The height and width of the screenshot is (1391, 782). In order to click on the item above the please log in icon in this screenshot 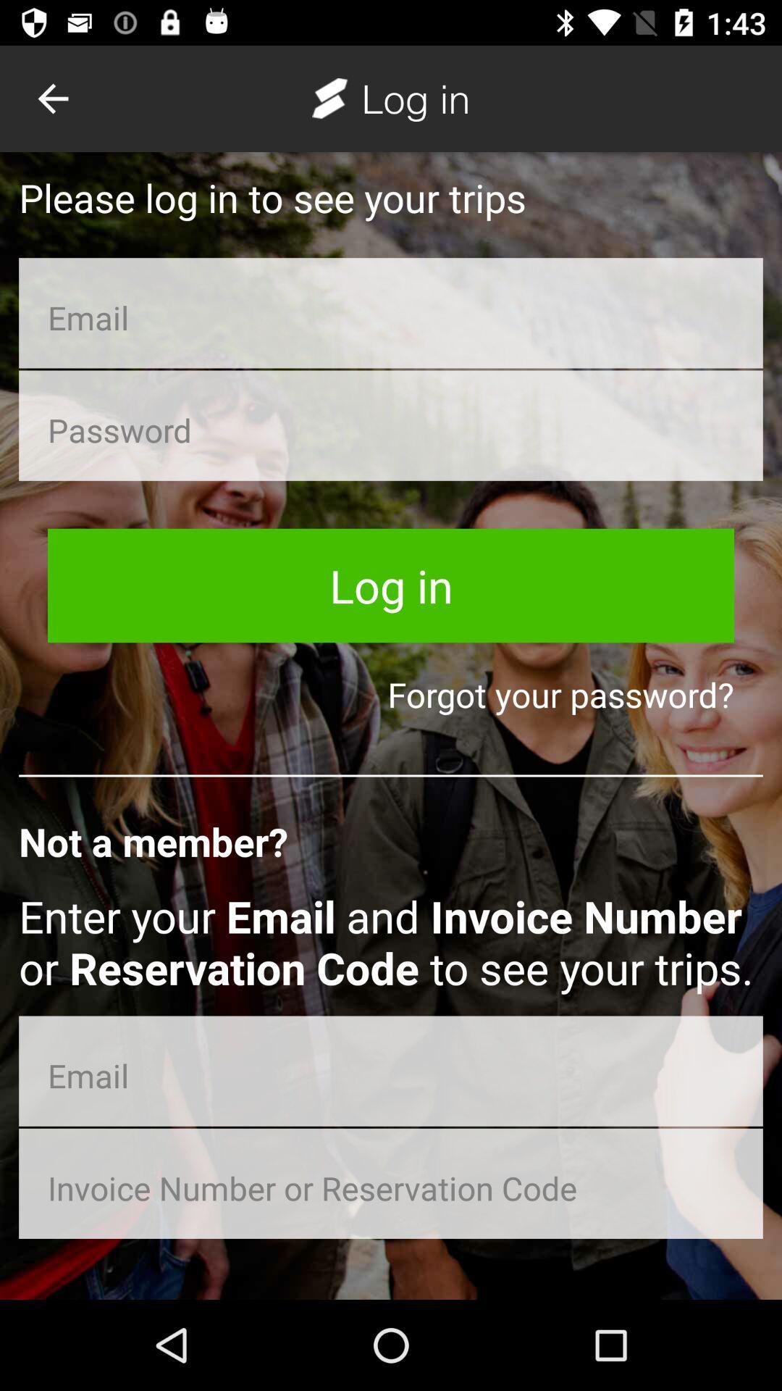, I will do `click(52, 98)`.